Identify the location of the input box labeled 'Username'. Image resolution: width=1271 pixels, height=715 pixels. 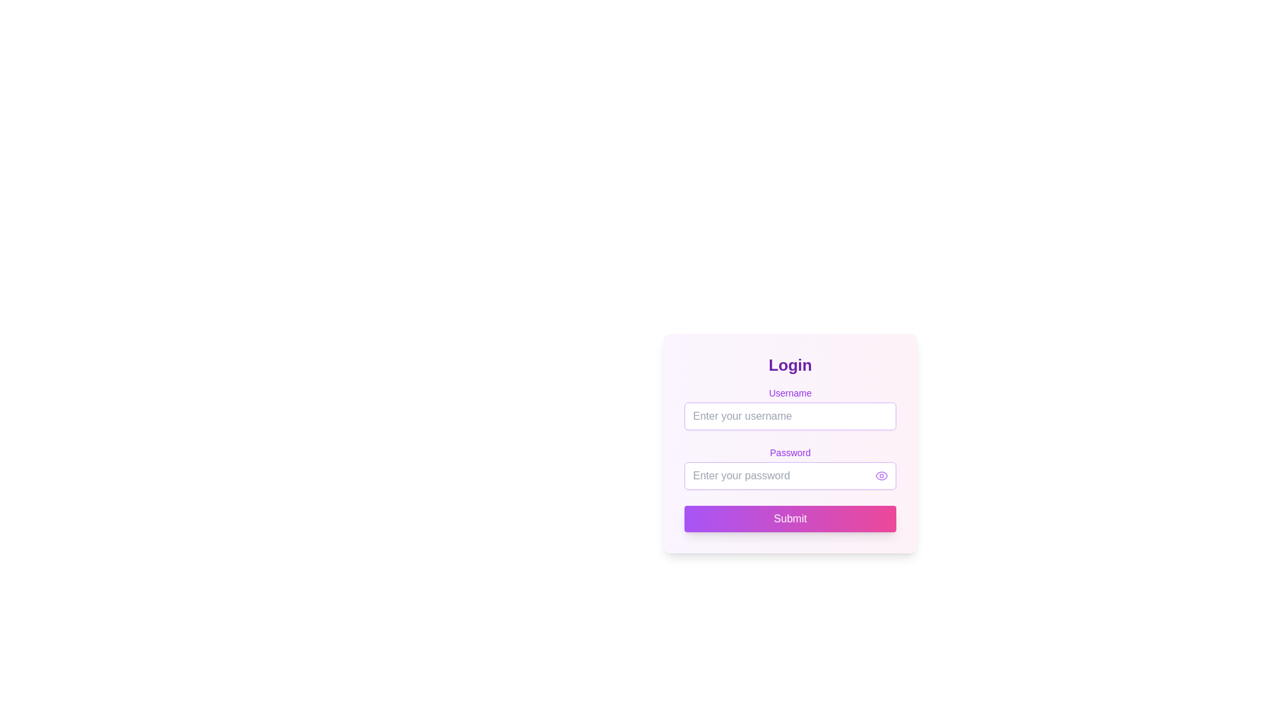
(790, 408).